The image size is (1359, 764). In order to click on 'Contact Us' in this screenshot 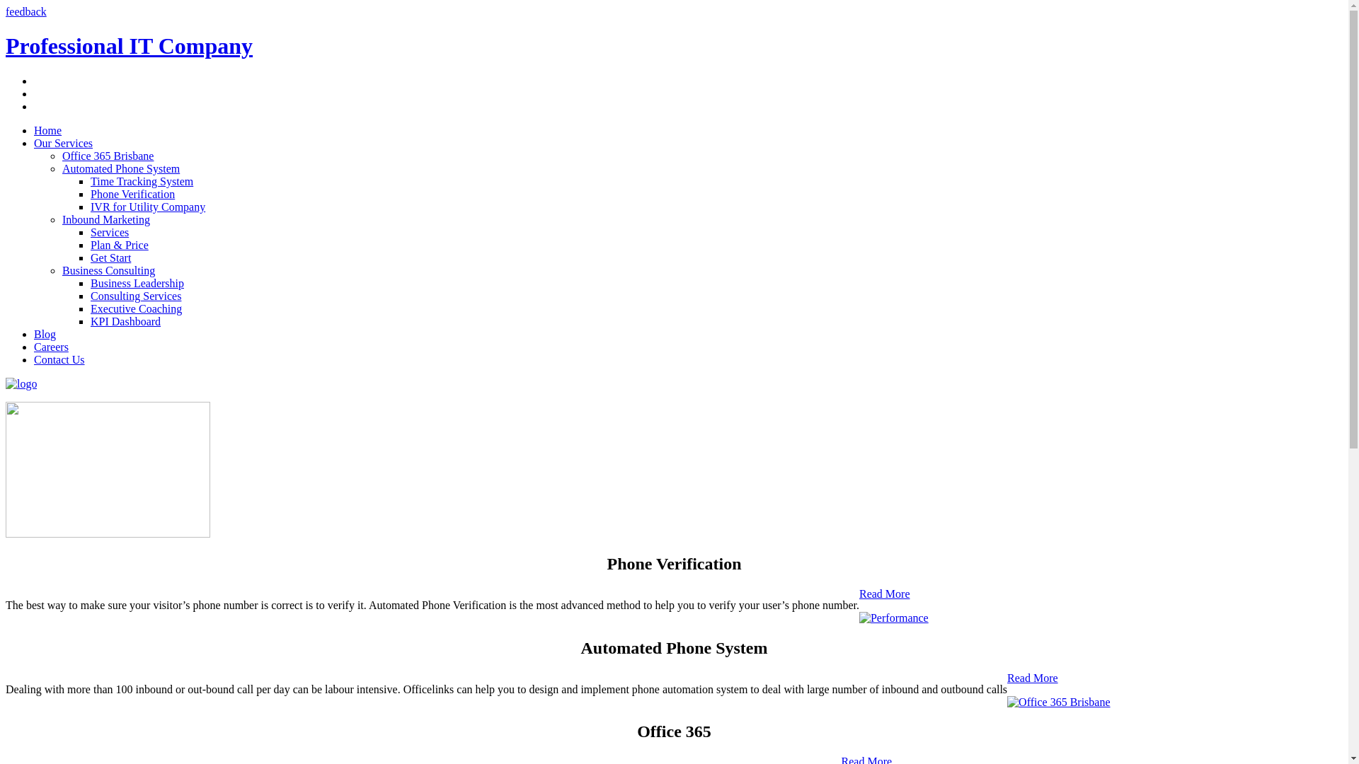, I will do `click(58, 359)`.